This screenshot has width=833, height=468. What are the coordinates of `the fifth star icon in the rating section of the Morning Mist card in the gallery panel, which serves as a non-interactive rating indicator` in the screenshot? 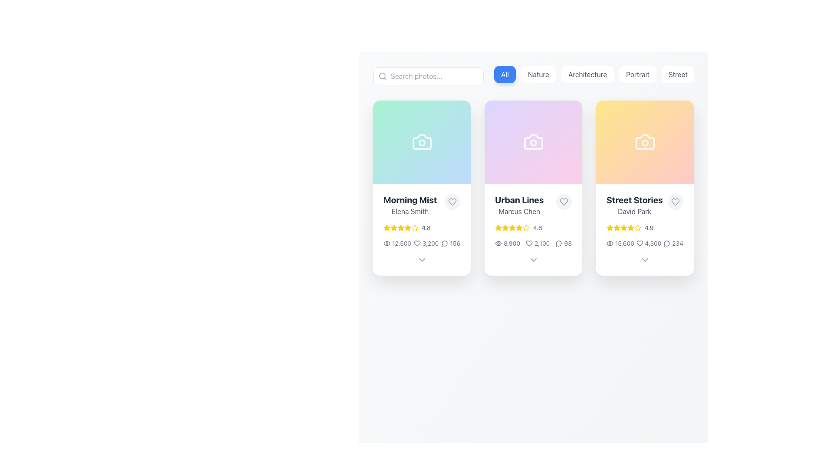 It's located at (414, 227).